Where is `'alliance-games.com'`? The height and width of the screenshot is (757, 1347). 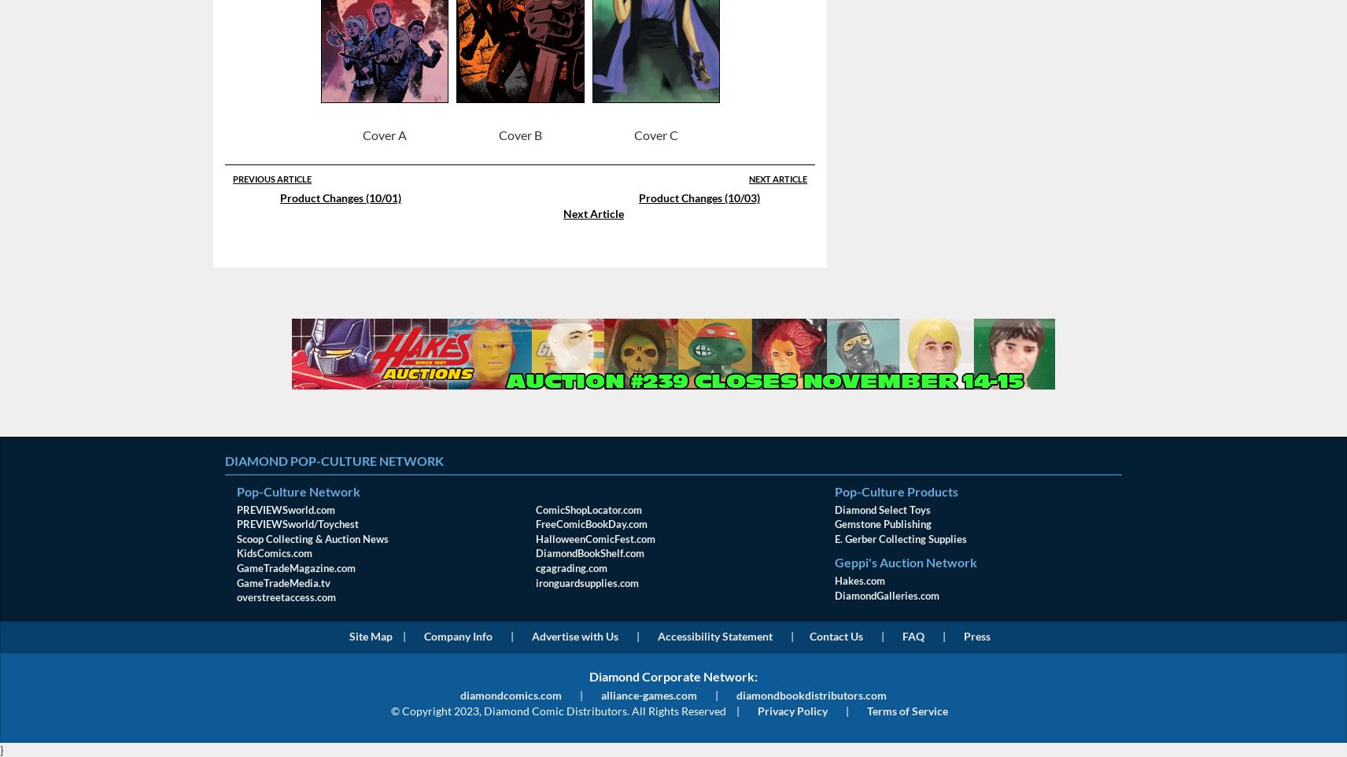 'alliance-games.com' is located at coordinates (649, 693).